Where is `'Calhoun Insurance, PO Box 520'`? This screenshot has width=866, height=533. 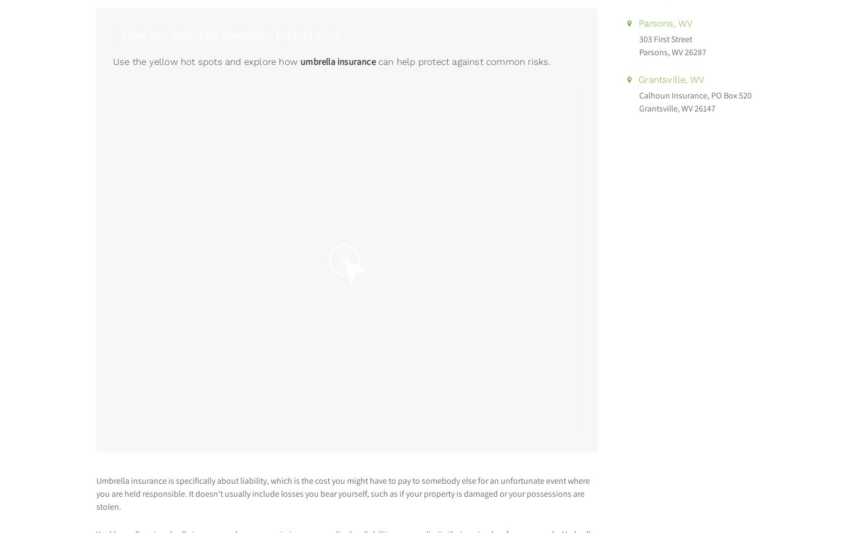
'Calhoun Insurance, PO Box 520' is located at coordinates (694, 95).